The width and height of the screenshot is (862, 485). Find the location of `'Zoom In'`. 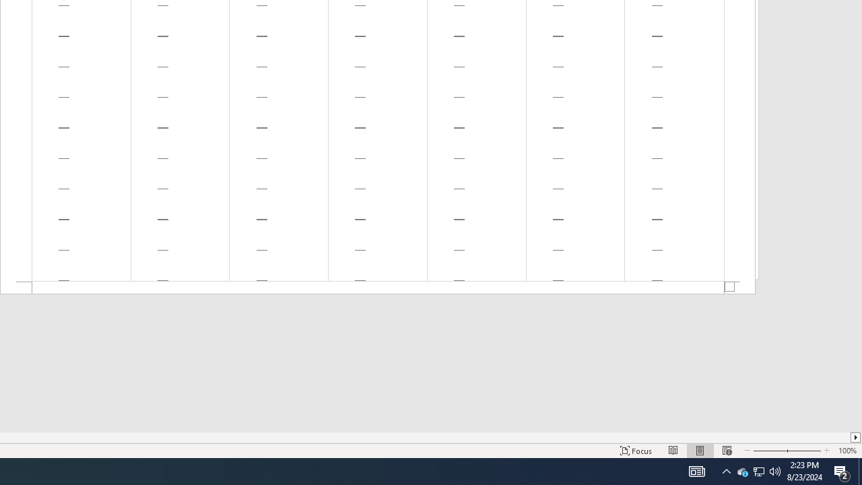

'Zoom In' is located at coordinates (805, 451).